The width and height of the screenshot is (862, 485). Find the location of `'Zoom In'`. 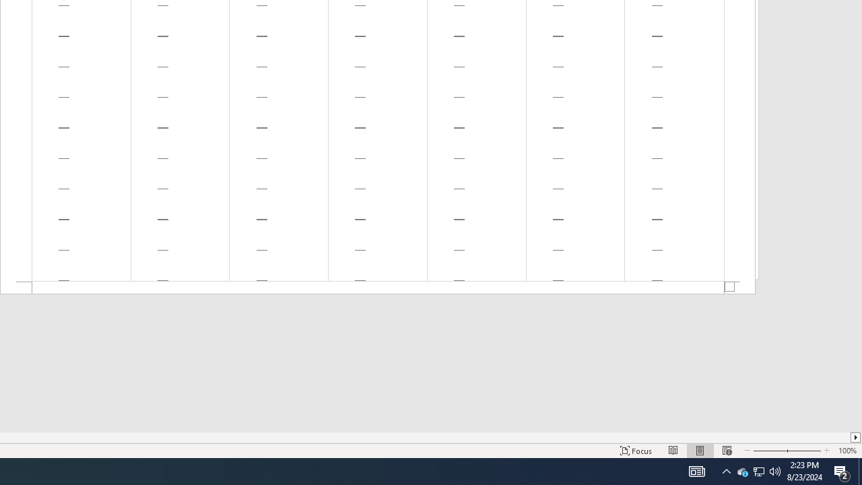

'Zoom In' is located at coordinates (805, 451).